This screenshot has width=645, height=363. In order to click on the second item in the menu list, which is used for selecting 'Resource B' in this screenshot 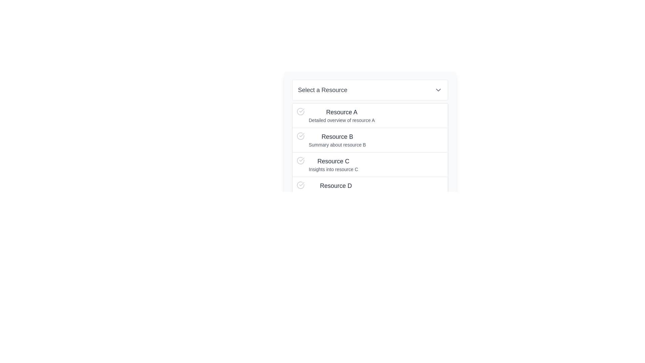, I will do `click(370, 139)`.